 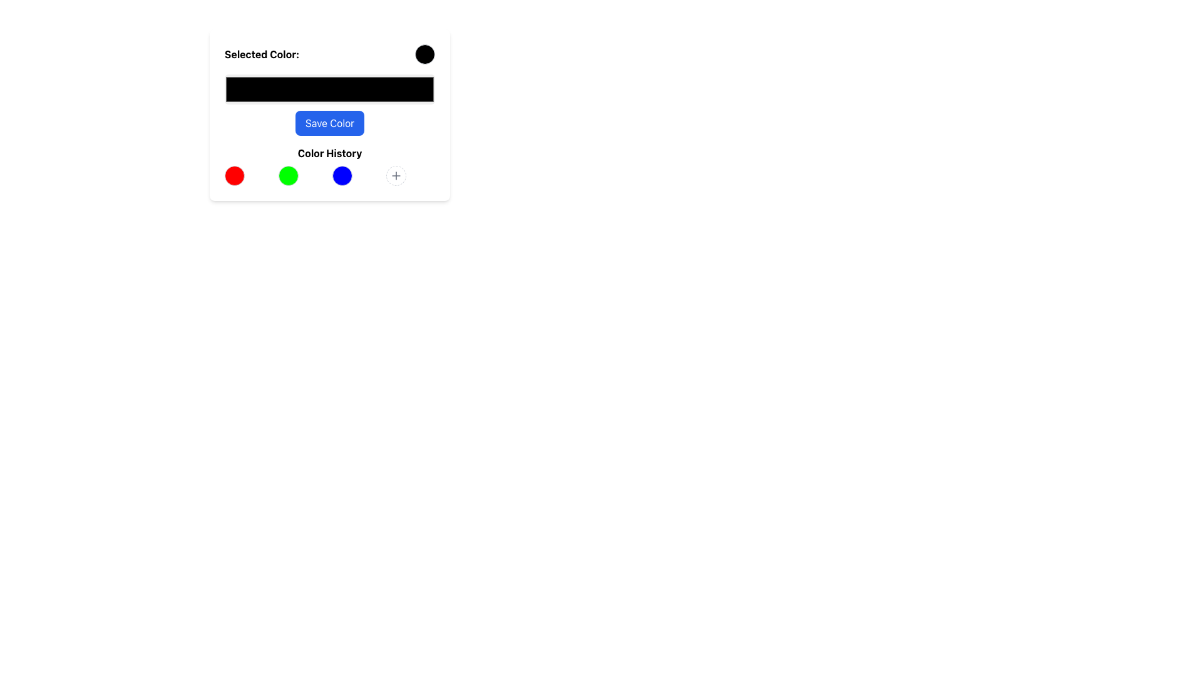 What do you see at coordinates (396, 176) in the screenshot?
I see `the fourth button with an icon in the 'Color History' section` at bounding box center [396, 176].